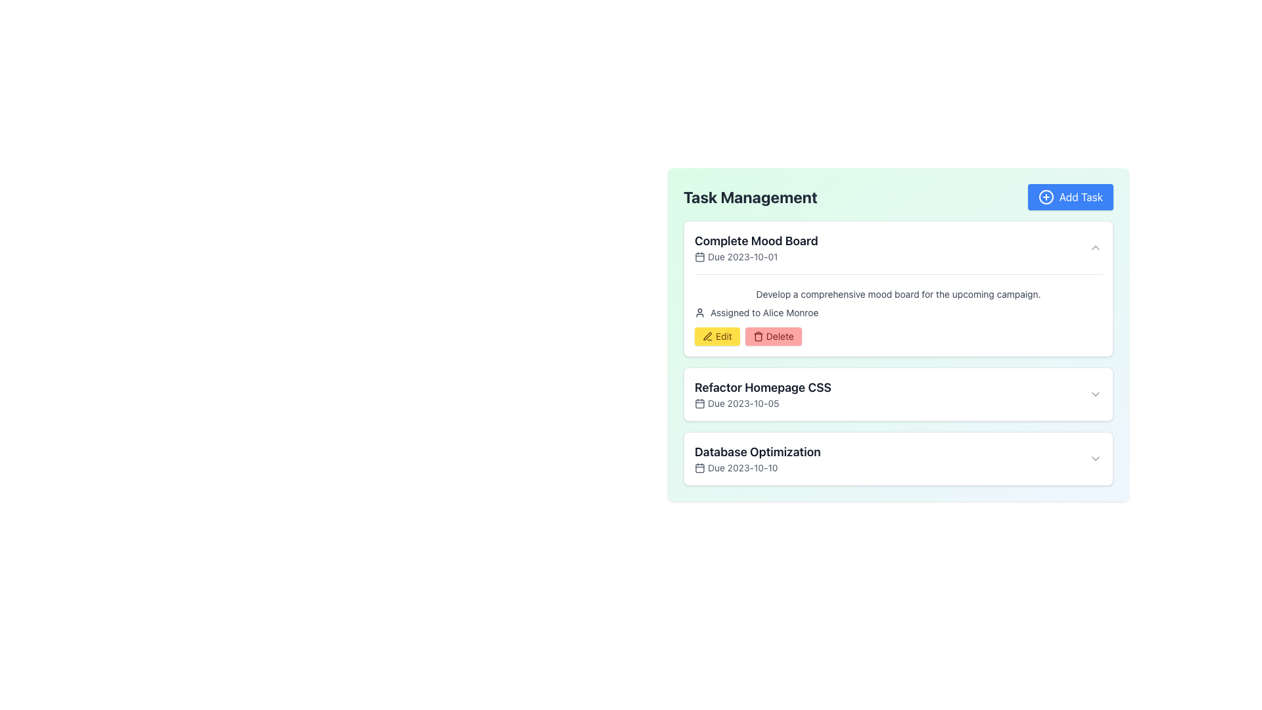 This screenshot has width=1262, height=710. I want to click on the calendar date icon located in the upper-left part of the 'Complete Mood Board' task card, which indicates the deadline of the task, so click(699, 256).